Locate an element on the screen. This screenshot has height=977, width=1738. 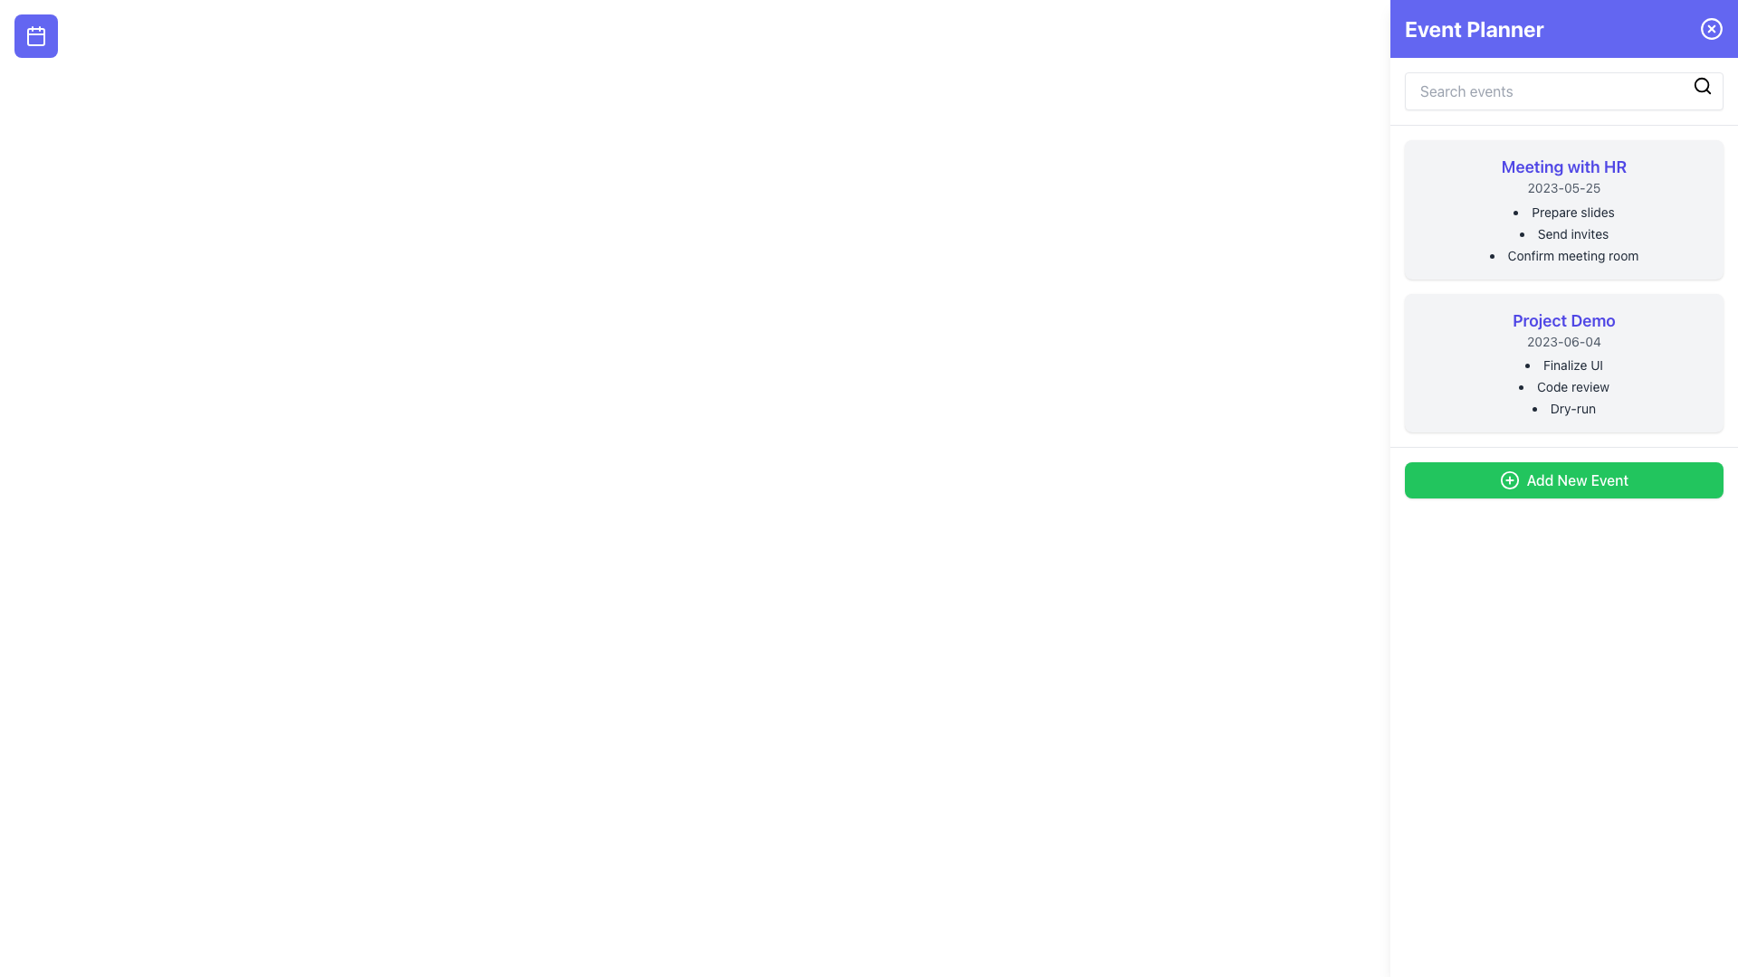
text of the third item in the bulleted list under the 'Project Demo' section, which is located in the sidebar on the right side of the page is located at coordinates (1563, 408).